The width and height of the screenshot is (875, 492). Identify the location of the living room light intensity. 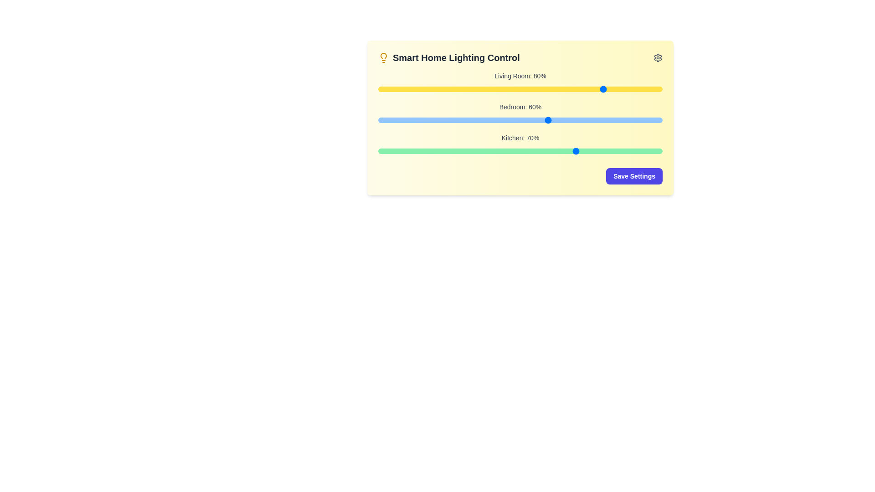
(512, 89).